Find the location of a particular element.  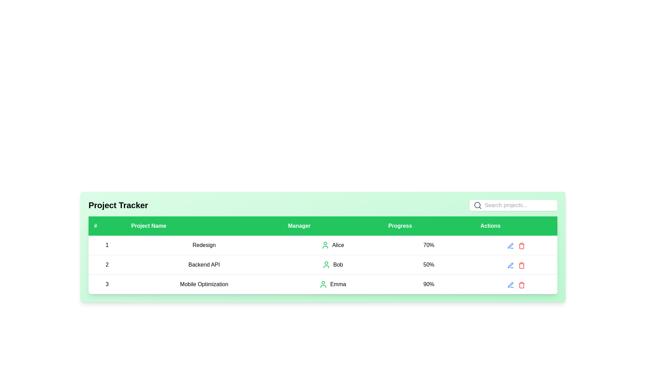

the 'Backend API' text label located in the second row of the project management interface under the 'Project Name' column is located at coordinates (204, 265).